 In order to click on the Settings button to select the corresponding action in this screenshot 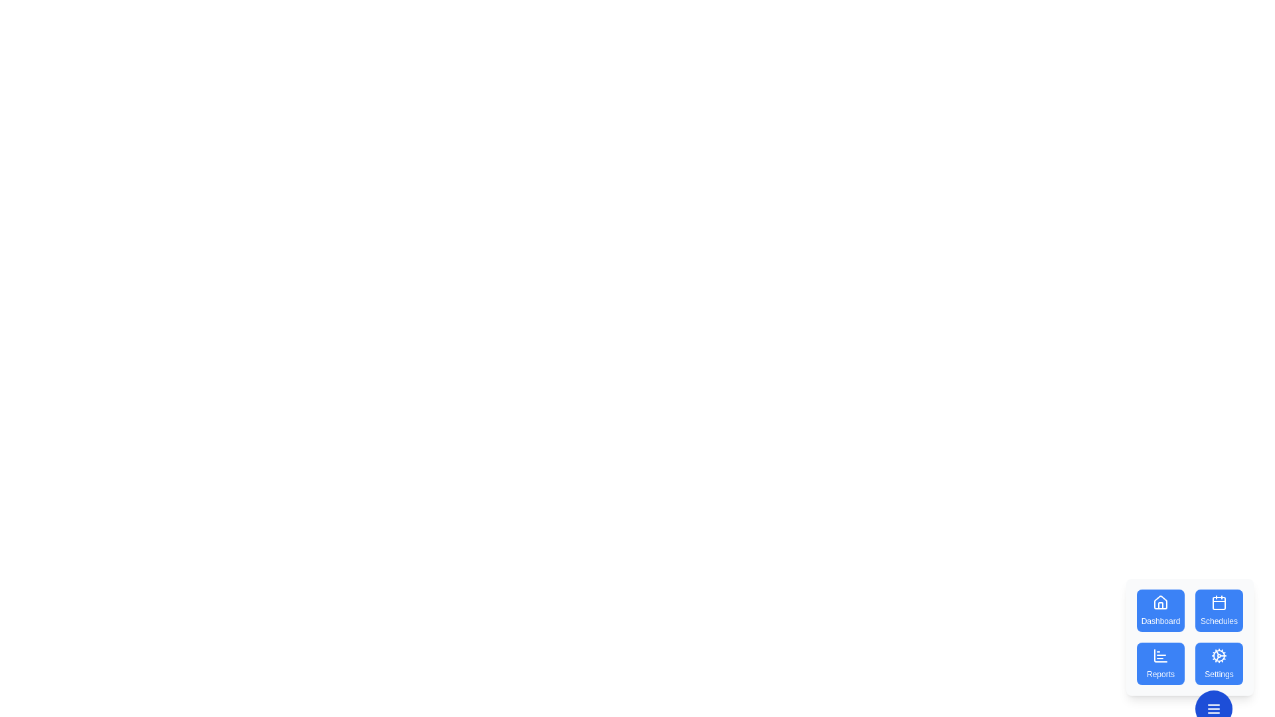, I will do `click(1219, 663)`.